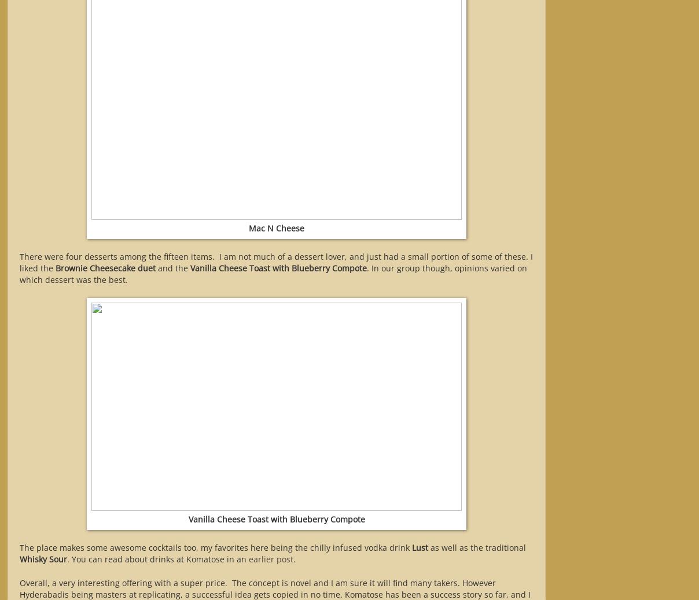 The height and width of the screenshot is (600, 699). What do you see at coordinates (273, 273) in the screenshot?
I see `'. In our group though, opinions varied on which dessert was the best.'` at bounding box center [273, 273].